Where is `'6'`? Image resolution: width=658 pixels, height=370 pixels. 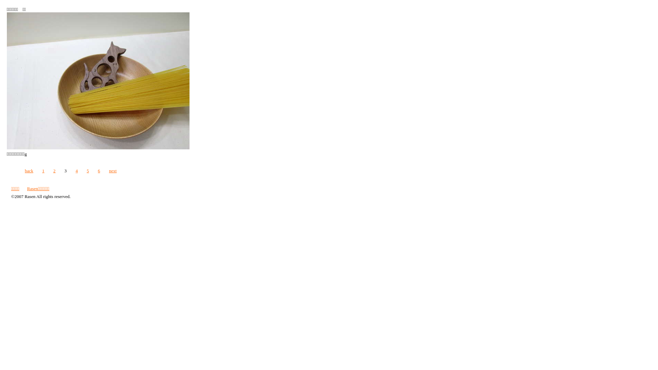
'6' is located at coordinates (99, 170).